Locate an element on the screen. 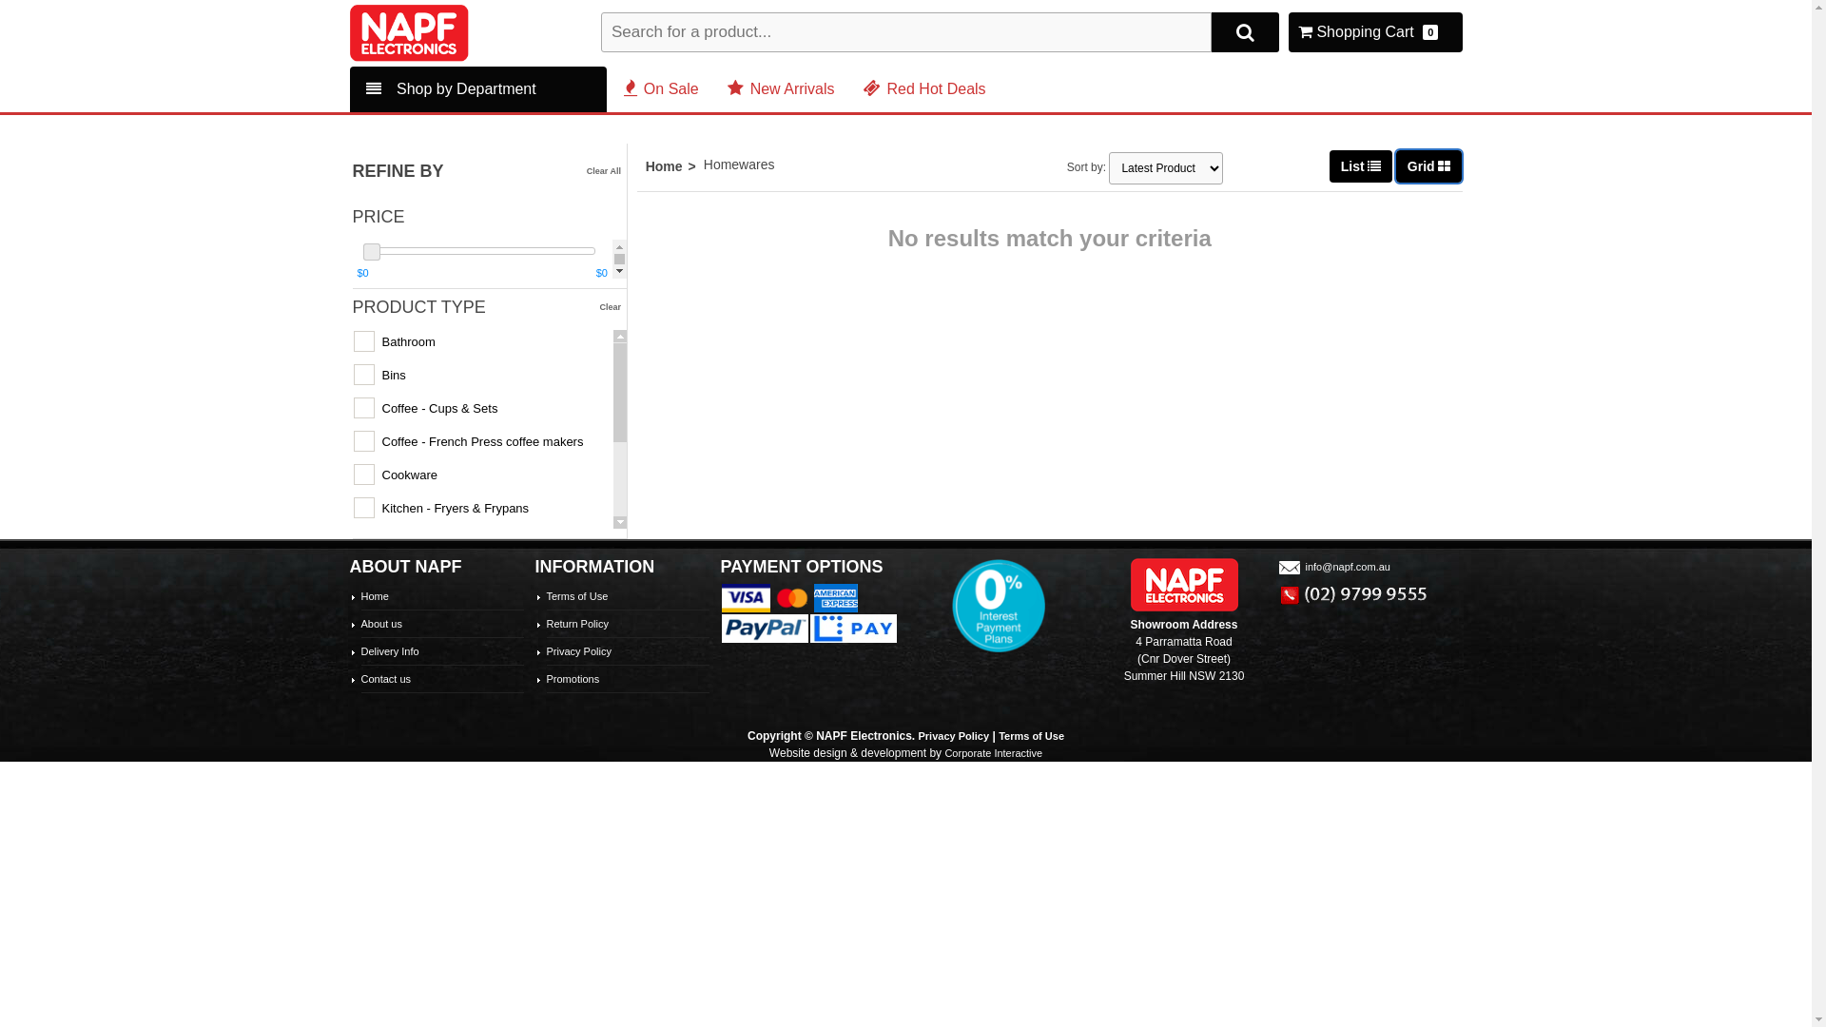 This screenshot has width=1826, height=1027. 'Delivery Info' is located at coordinates (389, 650).